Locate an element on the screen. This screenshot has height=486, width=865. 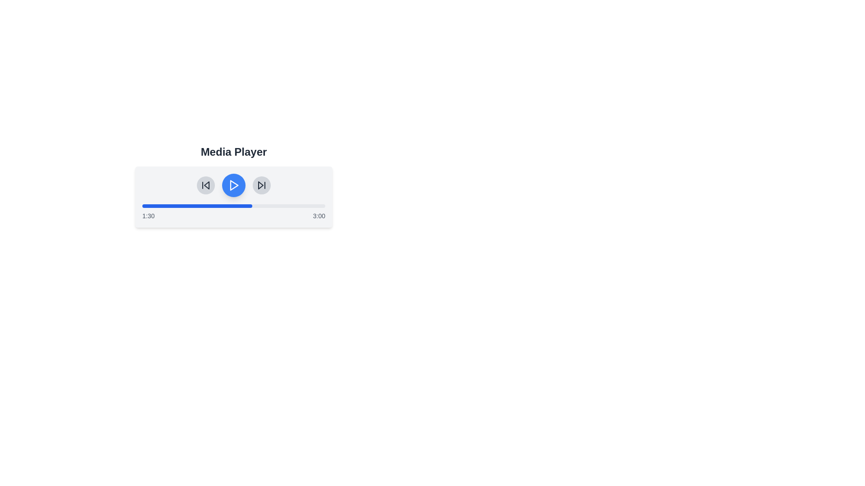
the horizontal progress bar located at the bottom of the media control panel, which has a gray background and a blue fill, situated between the media control buttons and the time labels is located at coordinates (233, 206).